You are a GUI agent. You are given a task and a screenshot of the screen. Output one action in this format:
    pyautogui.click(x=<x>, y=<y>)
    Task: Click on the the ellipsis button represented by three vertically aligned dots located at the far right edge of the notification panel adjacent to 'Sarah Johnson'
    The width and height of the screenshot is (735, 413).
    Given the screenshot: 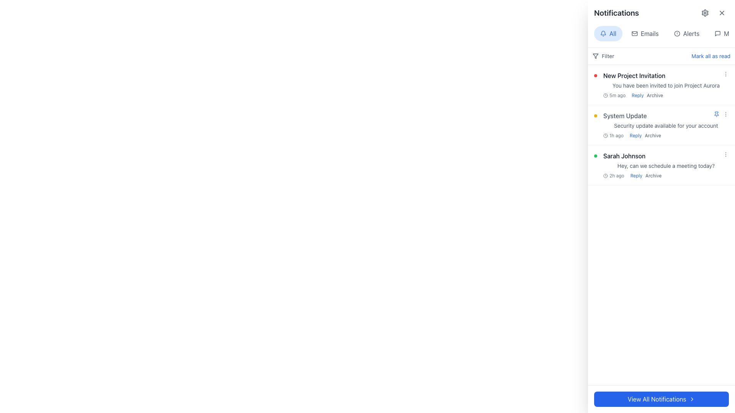 What is the action you would take?
    pyautogui.click(x=725, y=154)
    